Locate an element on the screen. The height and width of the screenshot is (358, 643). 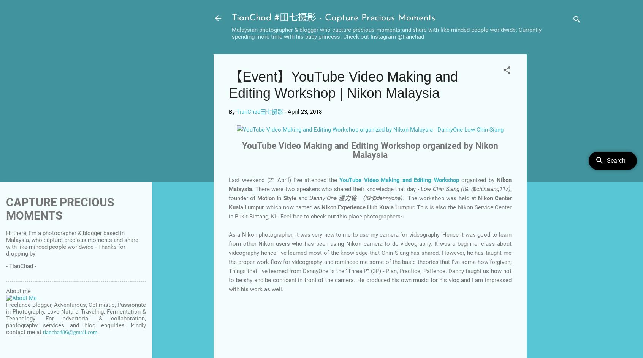
'.  The workshop was held at' is located at coordinates (439, 198).